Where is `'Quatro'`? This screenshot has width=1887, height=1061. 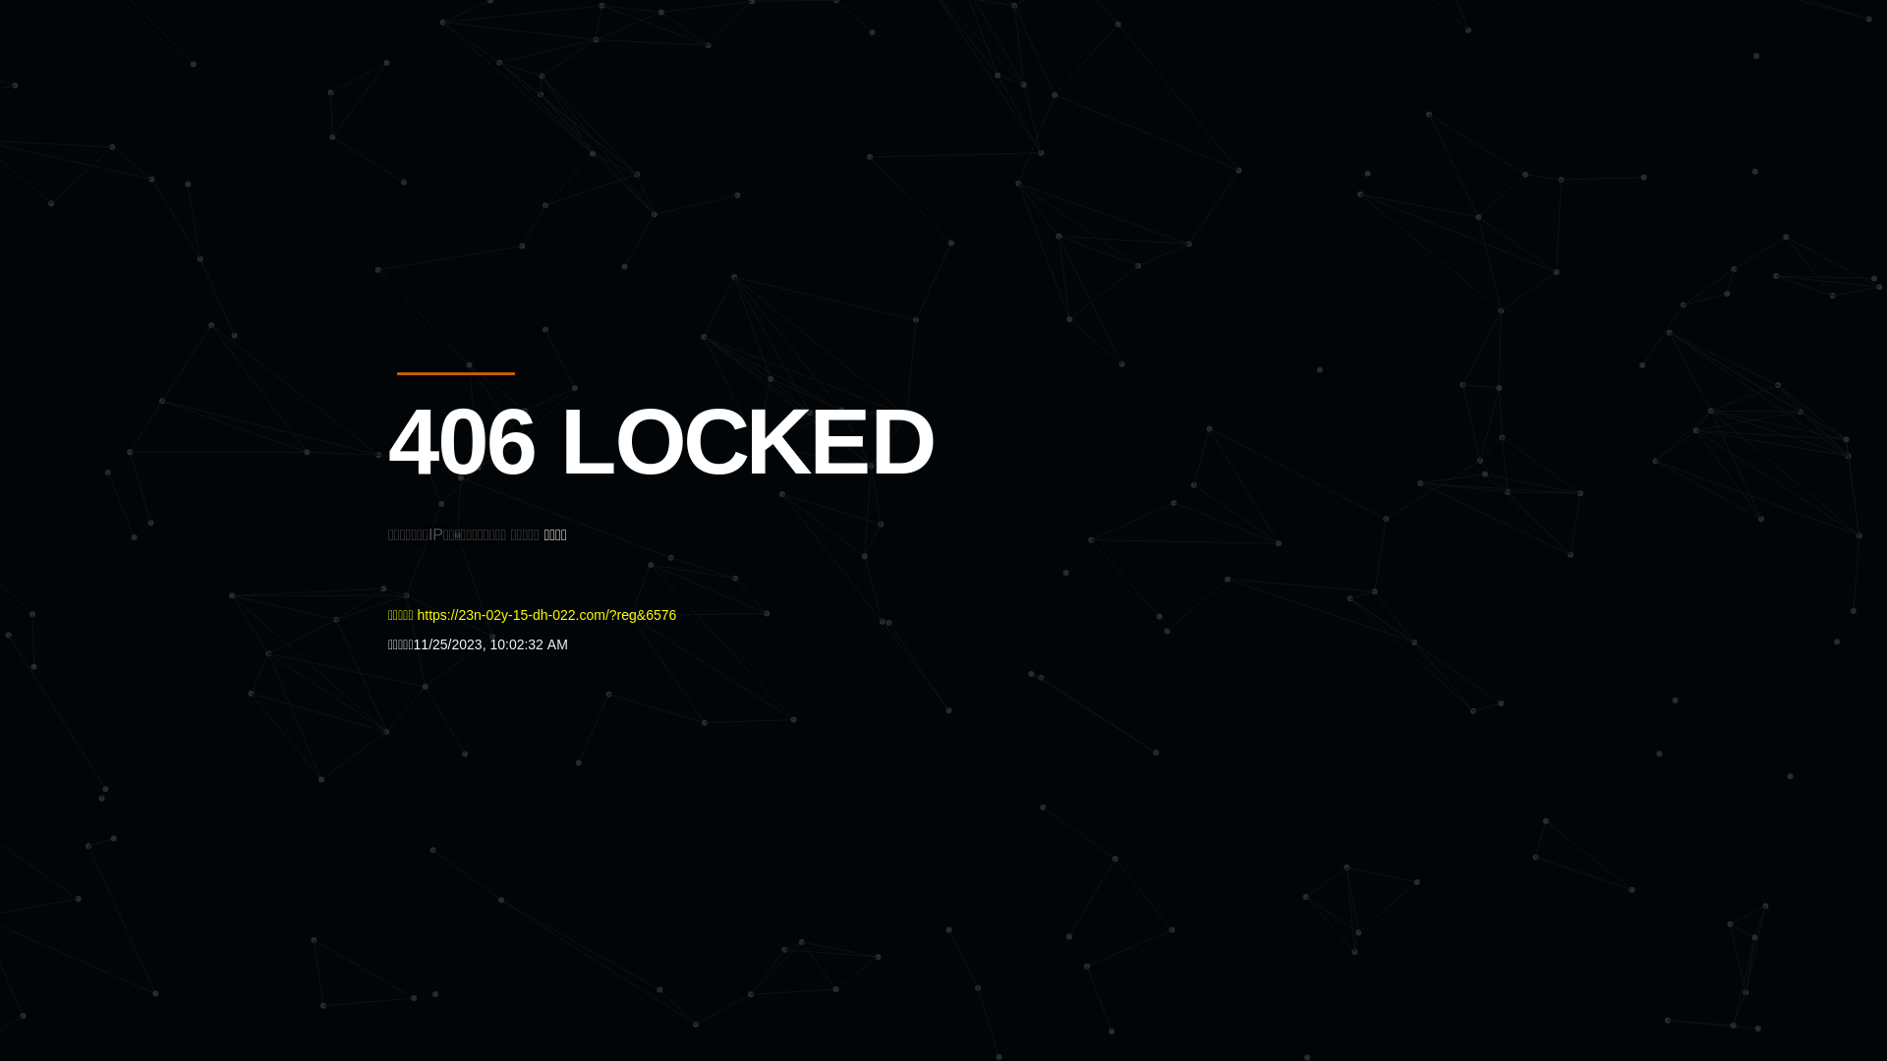
'Quatro' is located at coordinates (533, 112).